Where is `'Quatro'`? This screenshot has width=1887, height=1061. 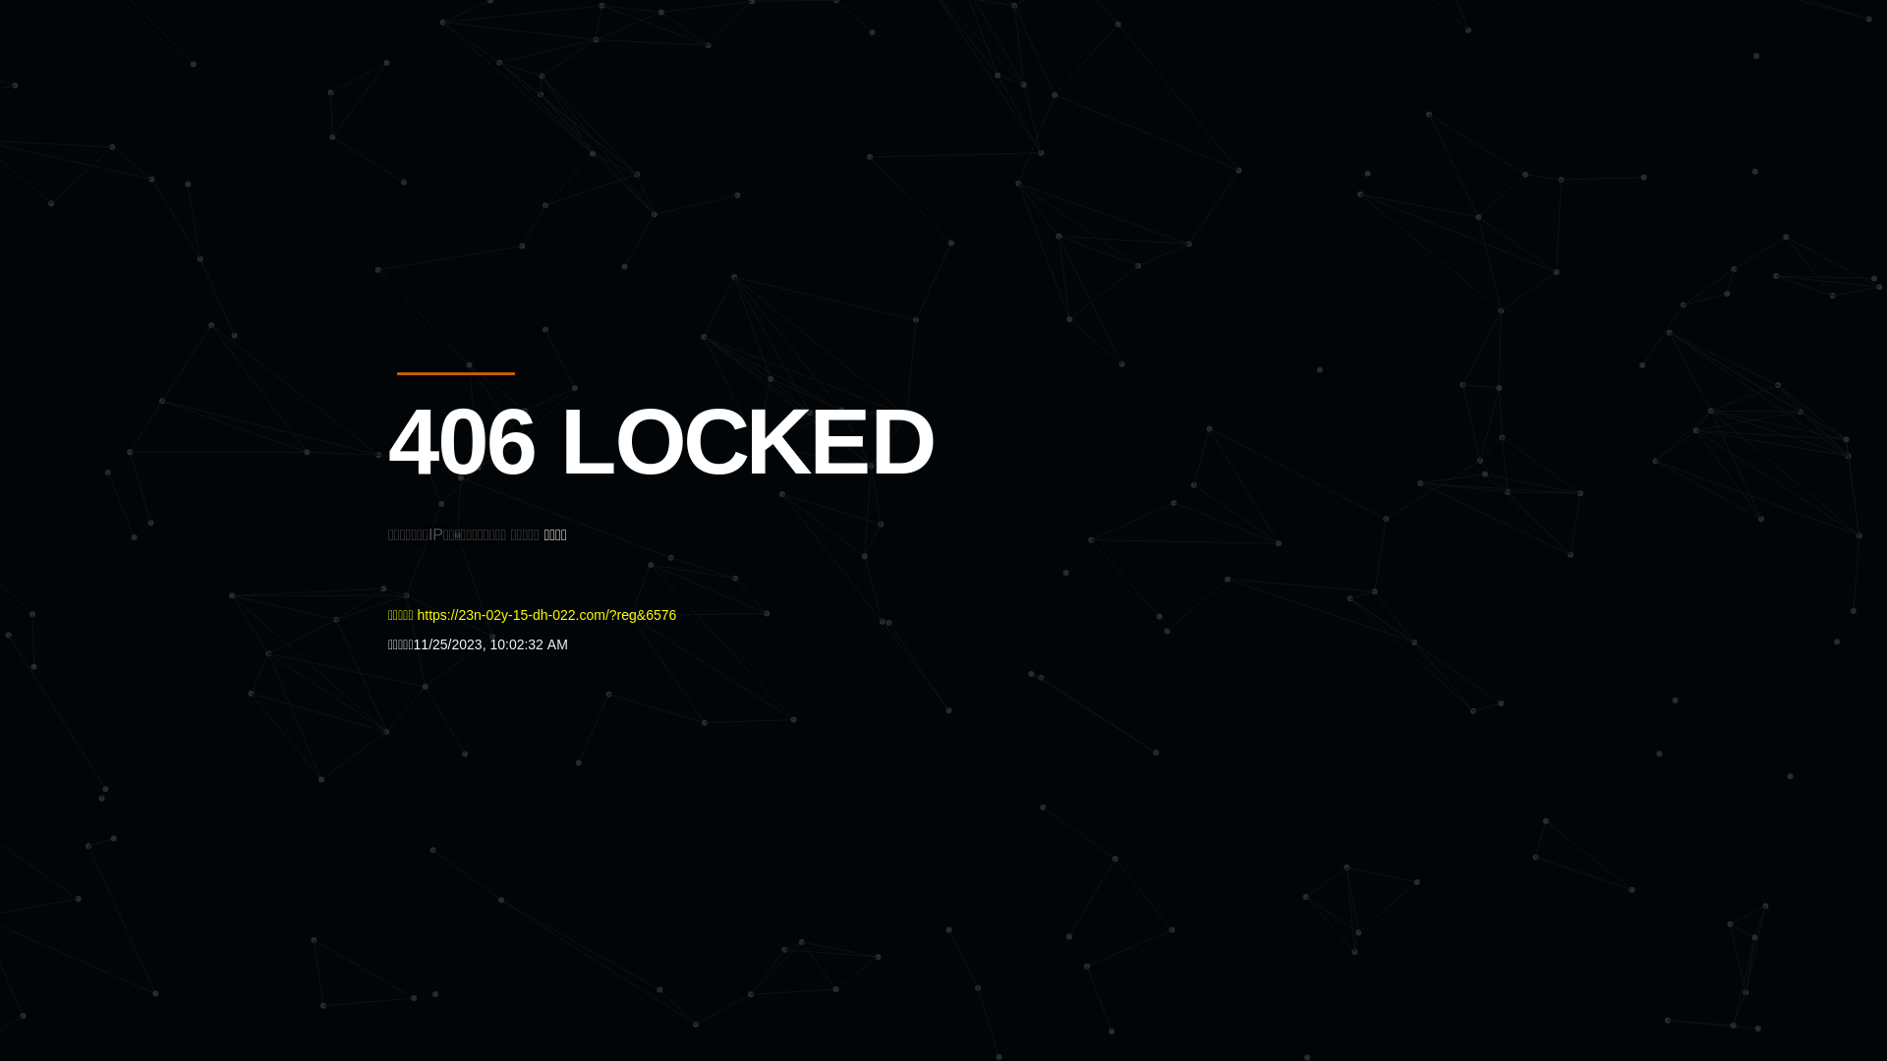
'Quatro' is located at coordinates (533, 112).